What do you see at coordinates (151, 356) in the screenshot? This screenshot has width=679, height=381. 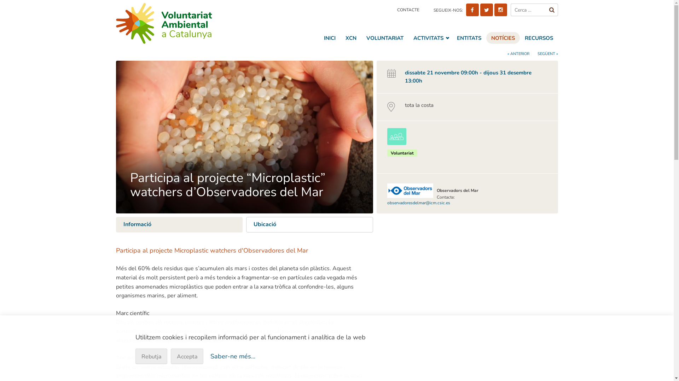 I see `'Rebutja'` at bounding box center [151, 356].